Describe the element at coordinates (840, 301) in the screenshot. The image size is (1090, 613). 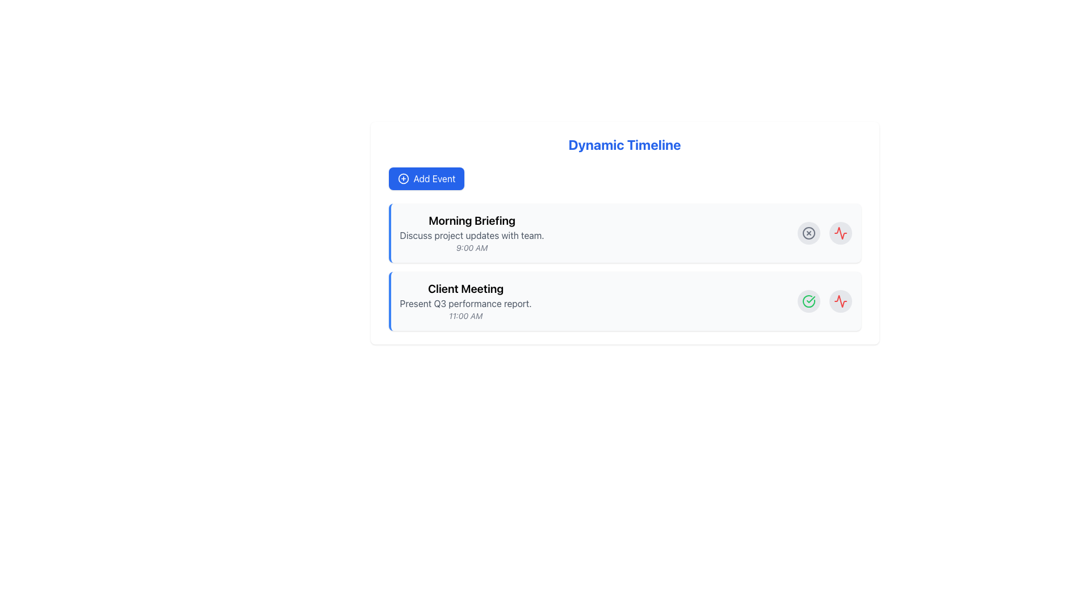
I see `the second button in the group of action buttons located to the right side of the 'Client Meeting' card` at that location.